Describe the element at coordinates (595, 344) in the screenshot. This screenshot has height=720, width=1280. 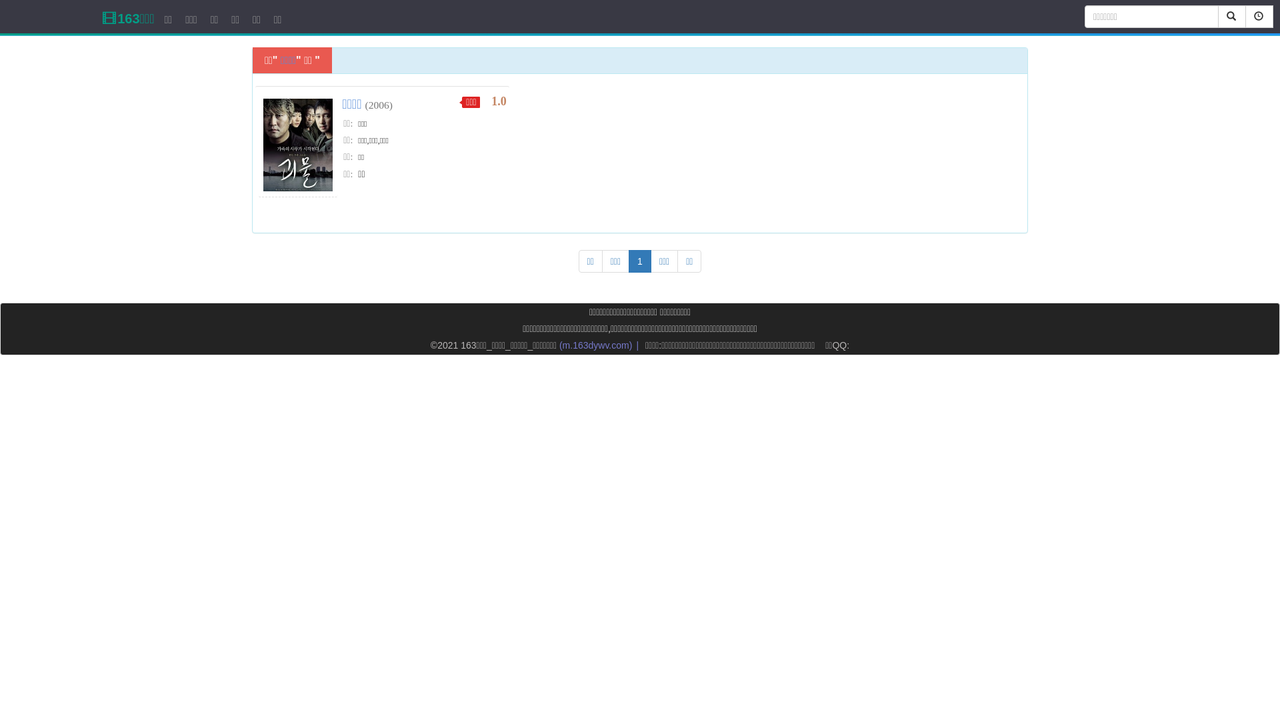
I see `'(m.163dywv.com)'` at that location.